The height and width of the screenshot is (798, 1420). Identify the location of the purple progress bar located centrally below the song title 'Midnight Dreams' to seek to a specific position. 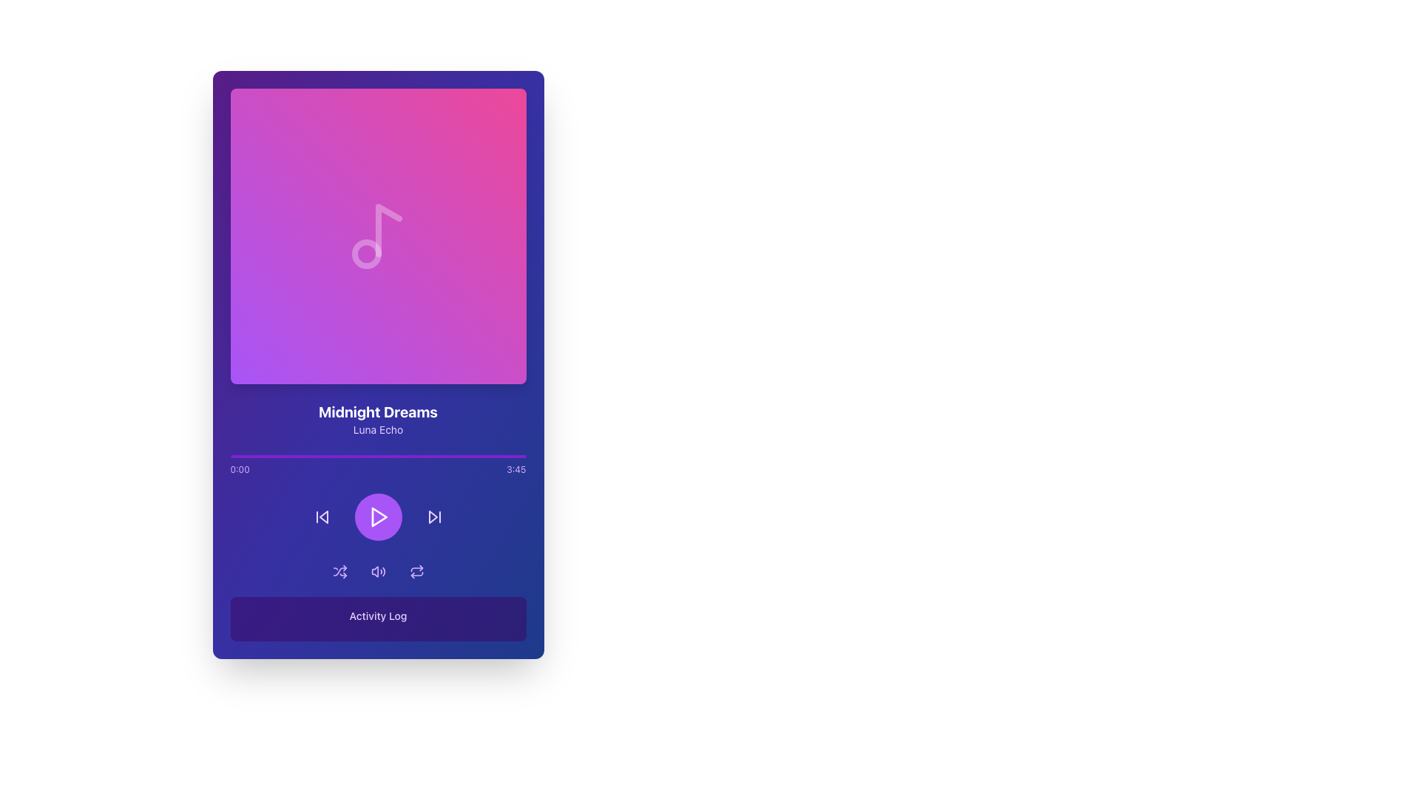
(378, 455).